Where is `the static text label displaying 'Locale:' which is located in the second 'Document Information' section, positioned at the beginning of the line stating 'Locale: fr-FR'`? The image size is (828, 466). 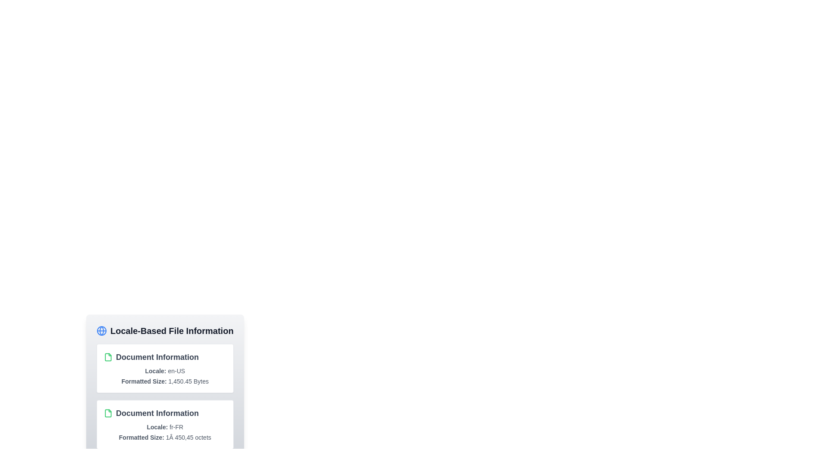 the static text label displaying 'Locale:' which is located in the second 'Document Information' section, positioned at the beginning of the line stating 'Locale: fr-FR' is located at coordinates (157, 427).